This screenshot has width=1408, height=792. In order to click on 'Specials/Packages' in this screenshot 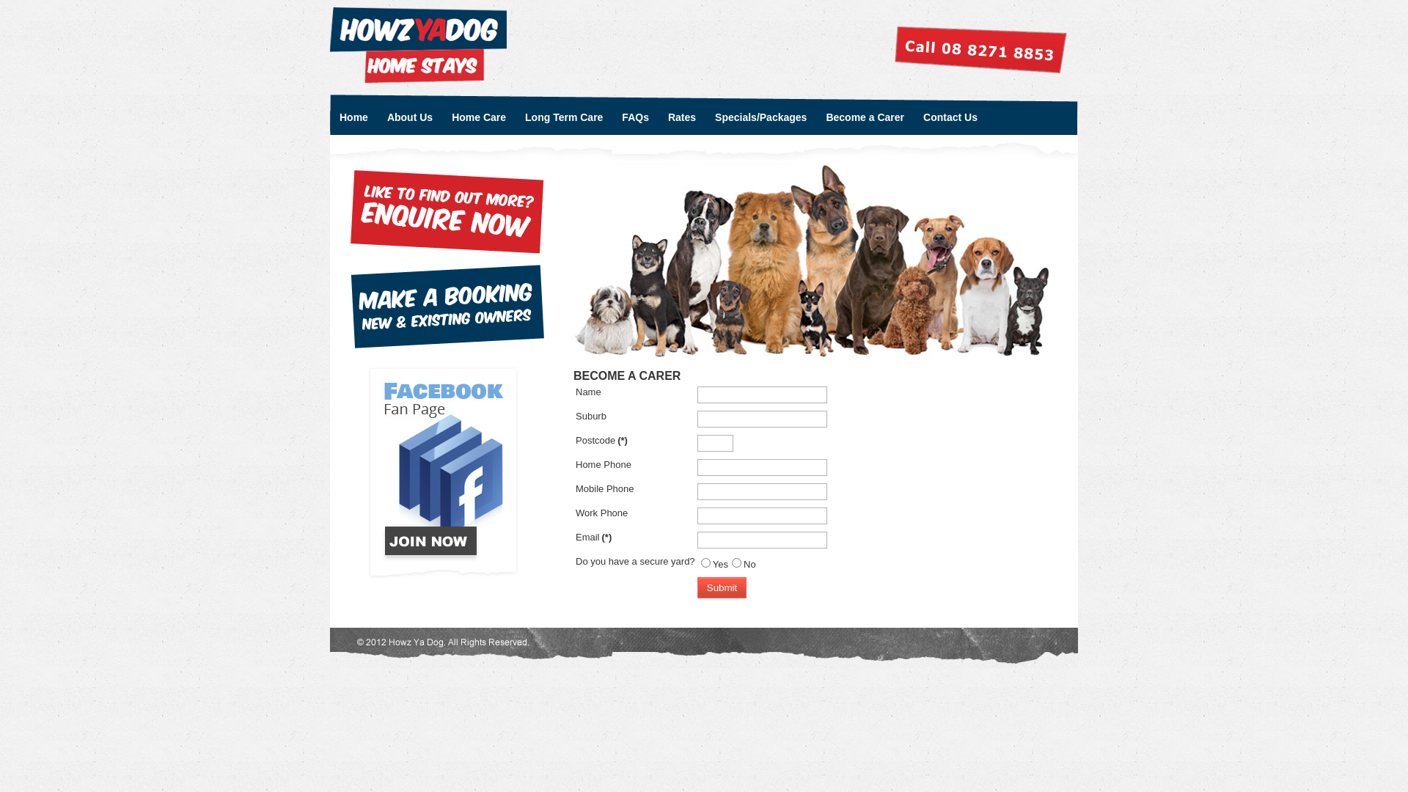, I will do `click(760, 113)`.